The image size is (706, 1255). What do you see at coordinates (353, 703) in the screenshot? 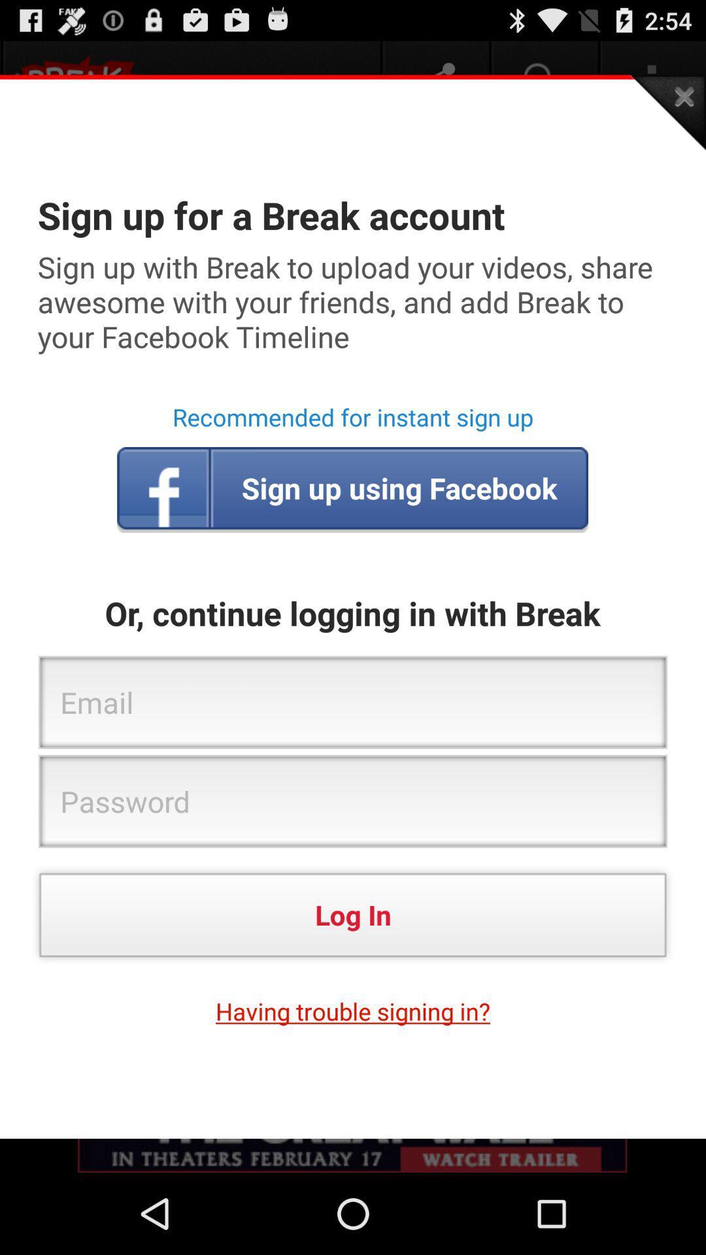
I see `the email box` at bounding box center [353, 703].